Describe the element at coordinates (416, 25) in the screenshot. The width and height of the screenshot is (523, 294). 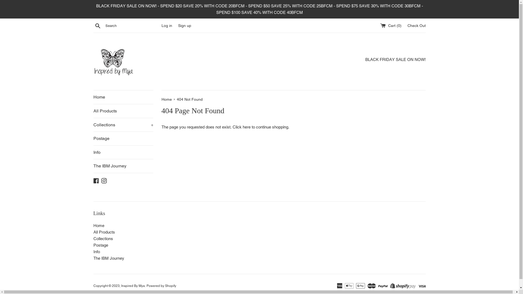
I see `'Check Out'` at that location.